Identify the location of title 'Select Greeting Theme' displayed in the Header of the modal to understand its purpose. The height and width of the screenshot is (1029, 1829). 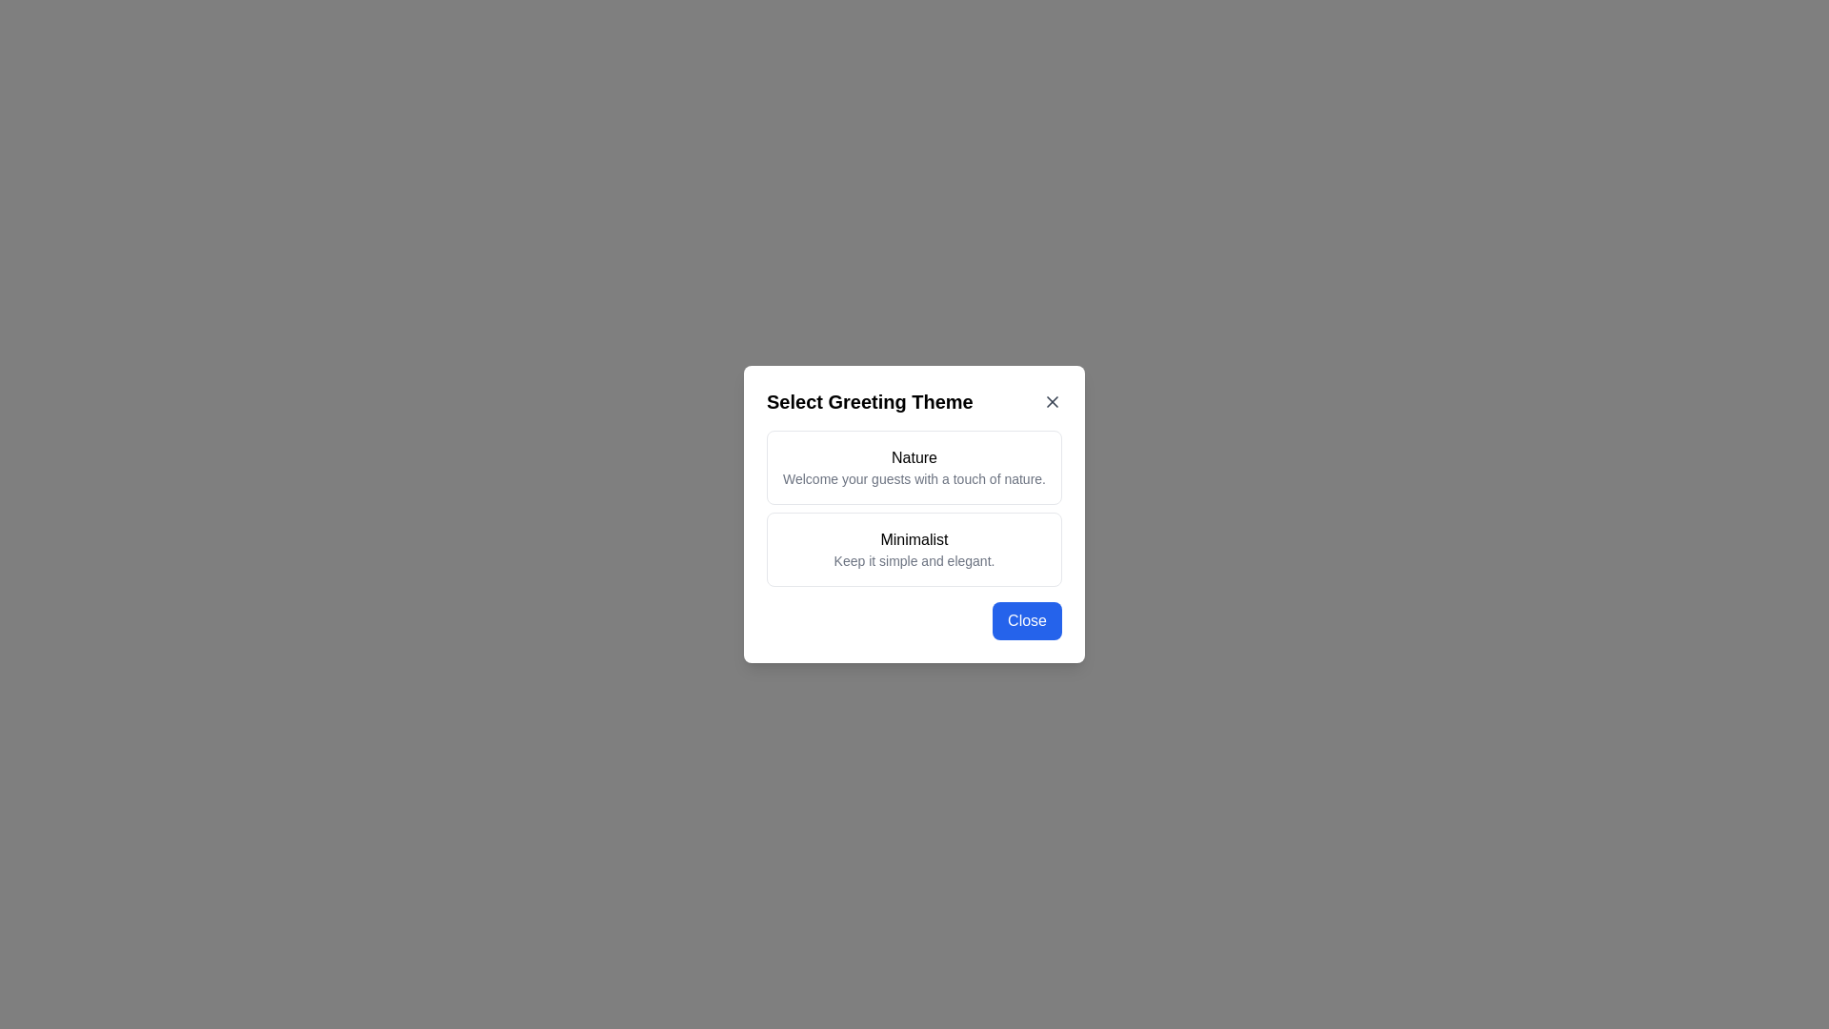
(914, 400).